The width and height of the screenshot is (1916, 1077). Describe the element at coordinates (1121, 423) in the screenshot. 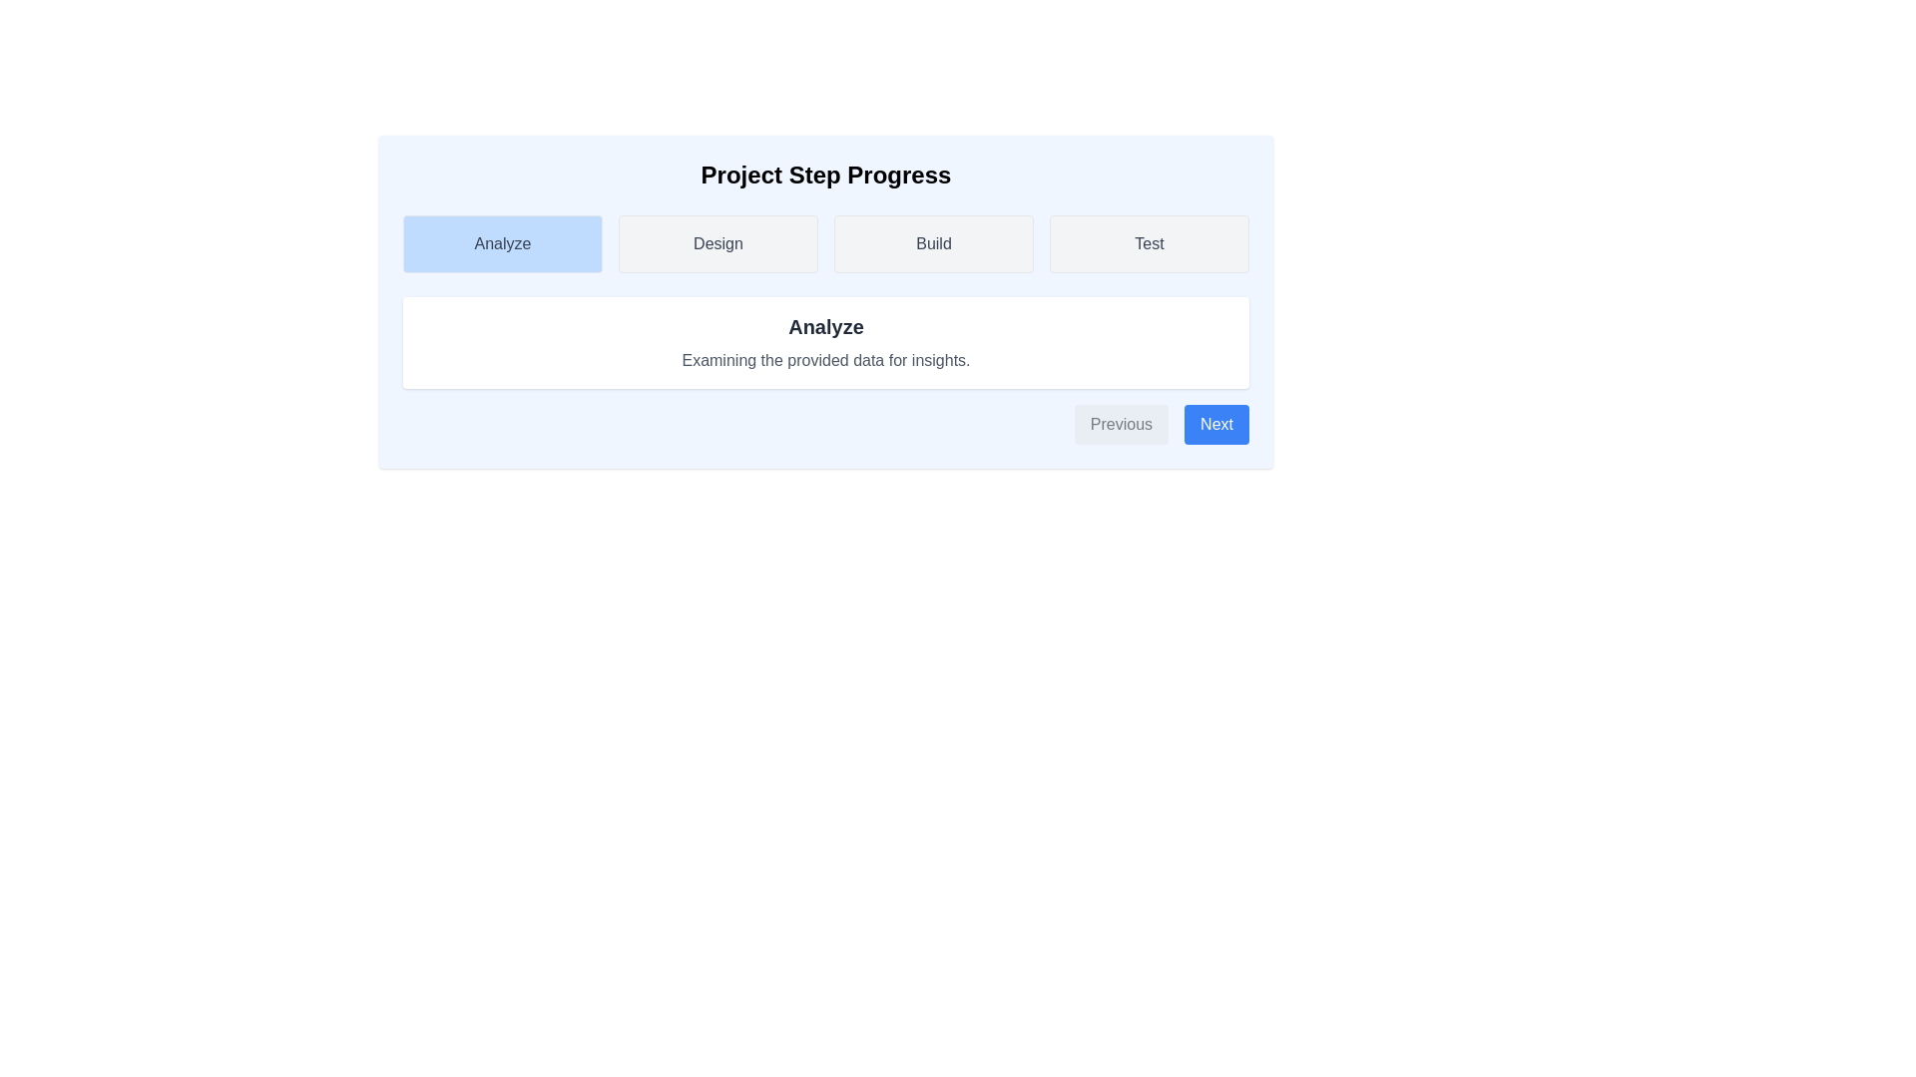

I see `the 'Previous' button, which is a light gray button with rounded corners located in the bottom-right section of the interface` at that location.